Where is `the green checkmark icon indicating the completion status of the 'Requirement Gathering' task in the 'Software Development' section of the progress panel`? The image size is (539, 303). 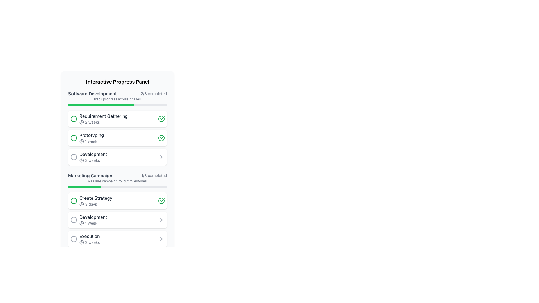 the green checkmark icon indicating the completion status of the 'Requirement Gathering' task in the 'Software Development' section of the progress panel is located at coordinates (162, 137).